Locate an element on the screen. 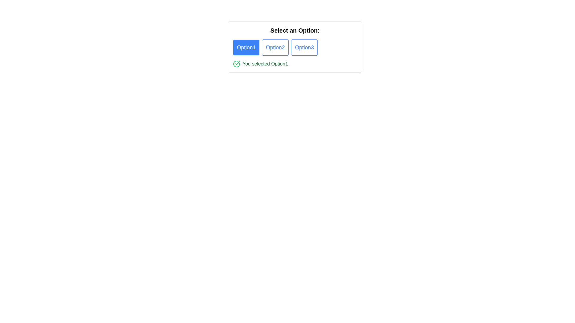 The image size is (575, 323). the green checkmark icon located at the bottom left corner of the text 'You selected Option1', which indicates a selection or confirmation action is located at coordinates (237, 63).